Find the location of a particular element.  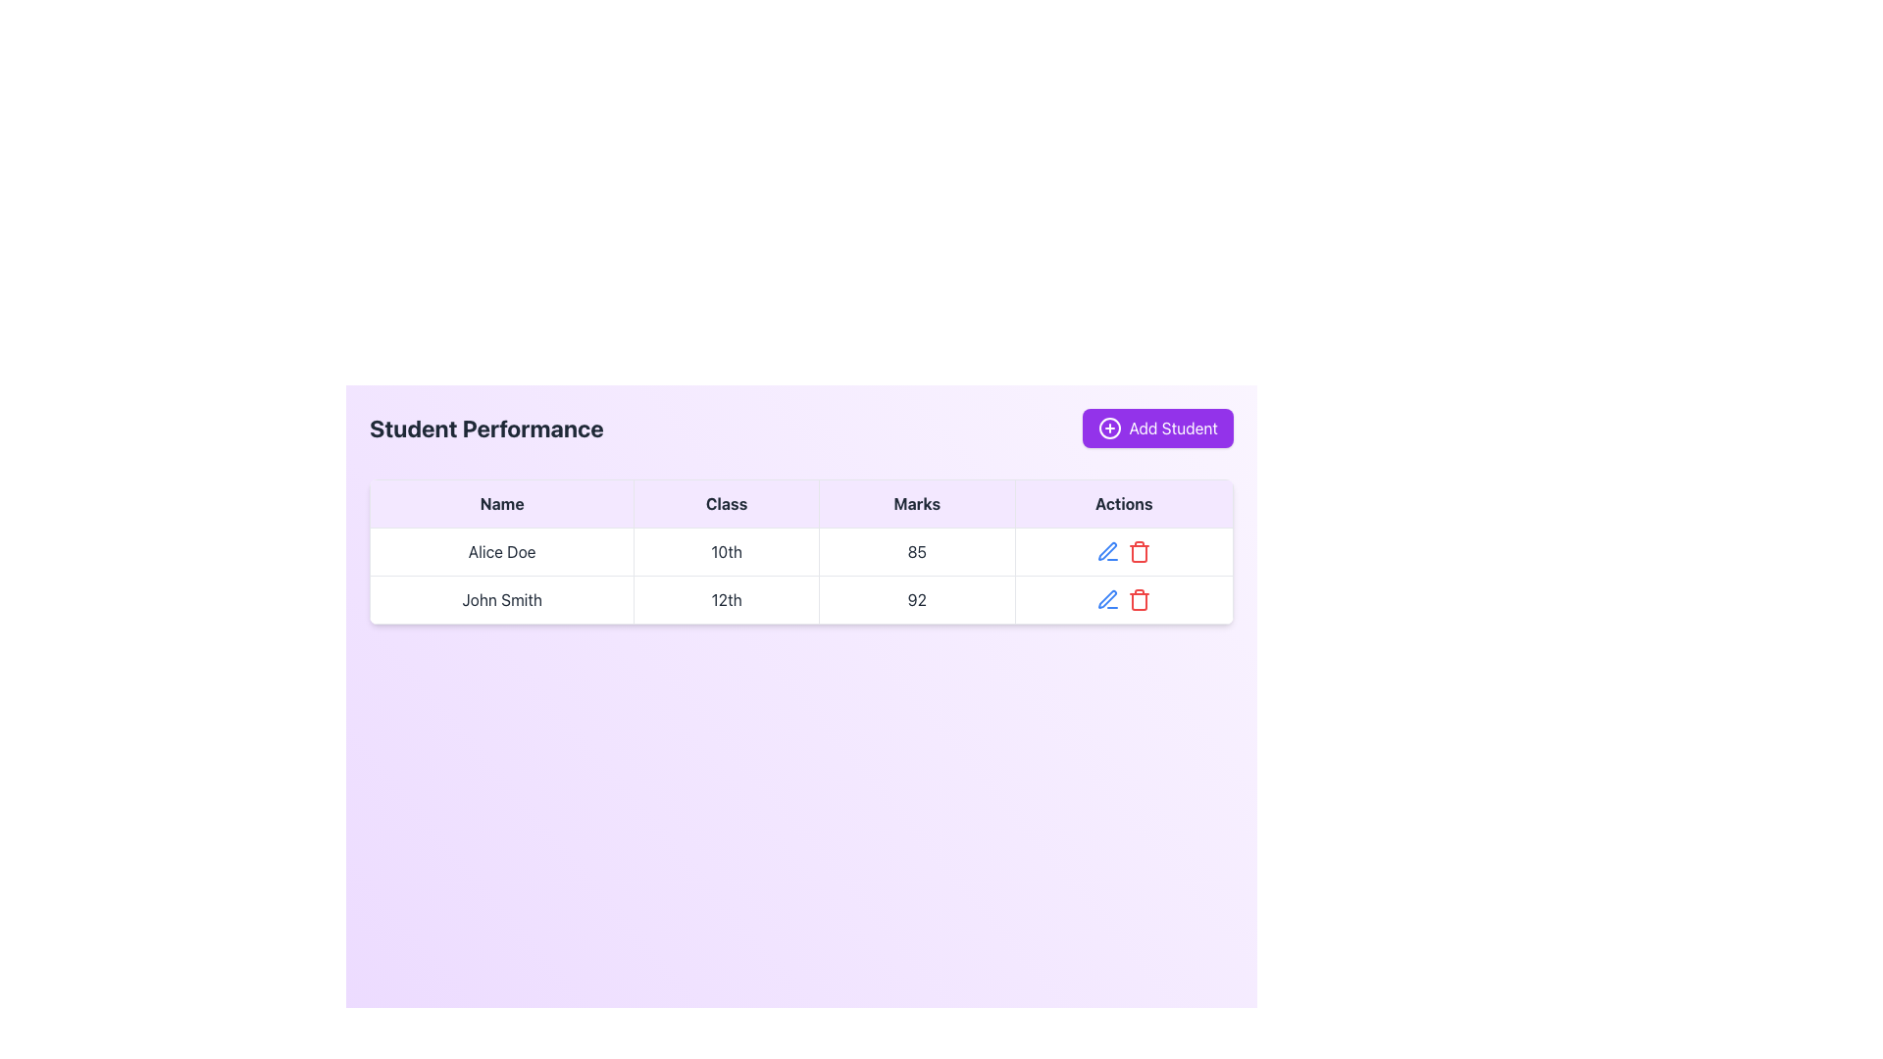

the table cell content displaying the name of a student, located in the first column of the first data row of the table is located at coordinates (502, 552).